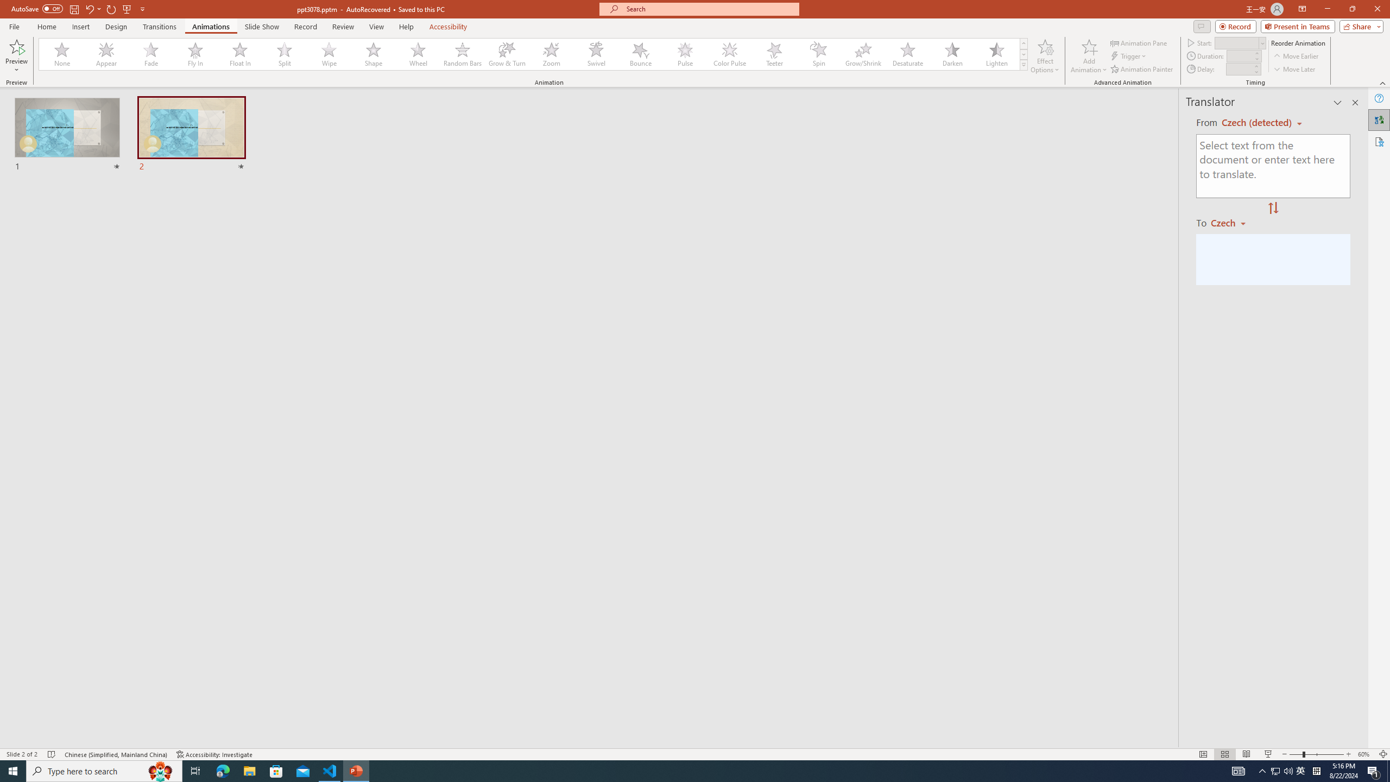  Describe the element at coordinates (863, 54) in the screenshot. I see `'Grow/Shrink'` at that location.